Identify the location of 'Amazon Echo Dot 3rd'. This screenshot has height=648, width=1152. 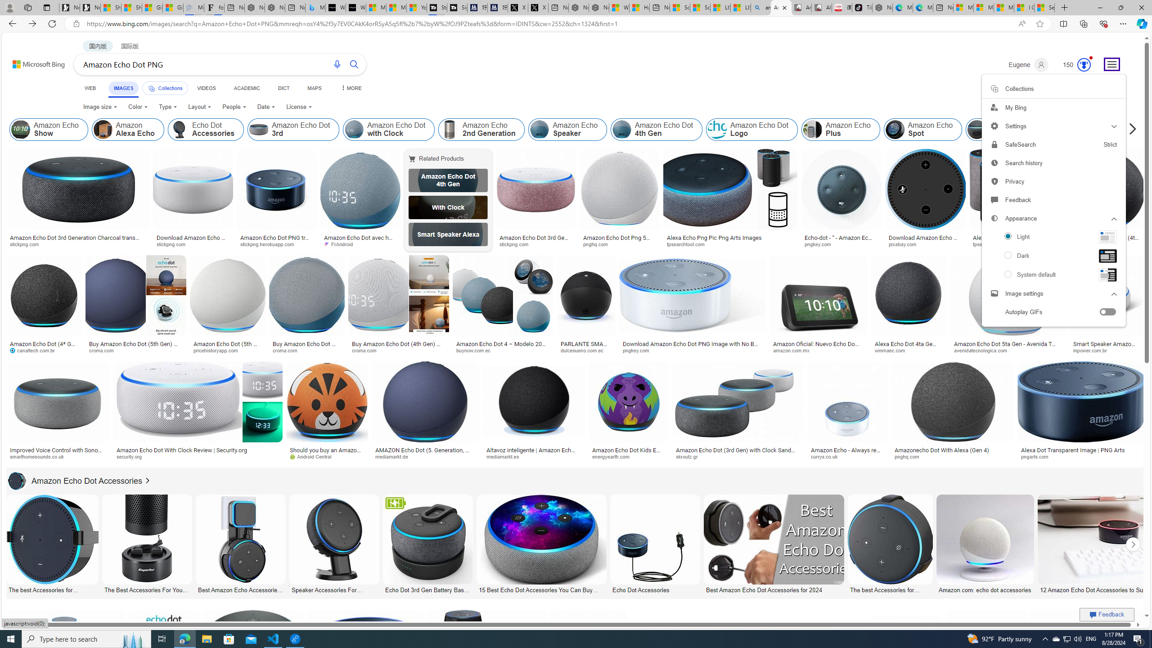
(293, 129).